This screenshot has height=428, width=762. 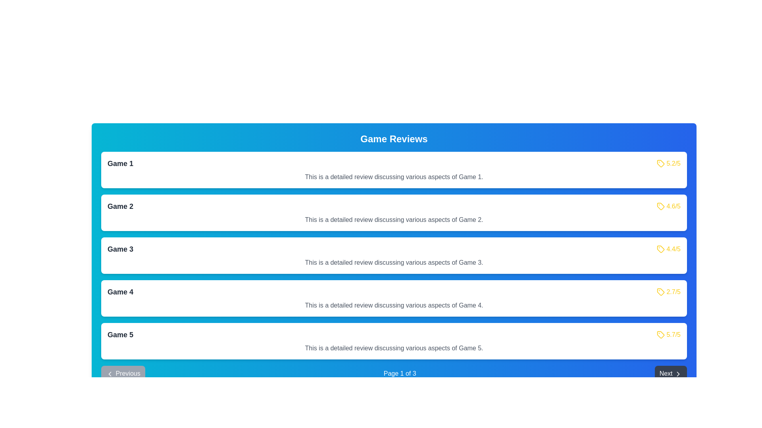 What do you see at coordinates (668, 248) in the screenshot?
I see `the rating information element displayed next to the title 'Game 3'` at bounding box center [668, 248].